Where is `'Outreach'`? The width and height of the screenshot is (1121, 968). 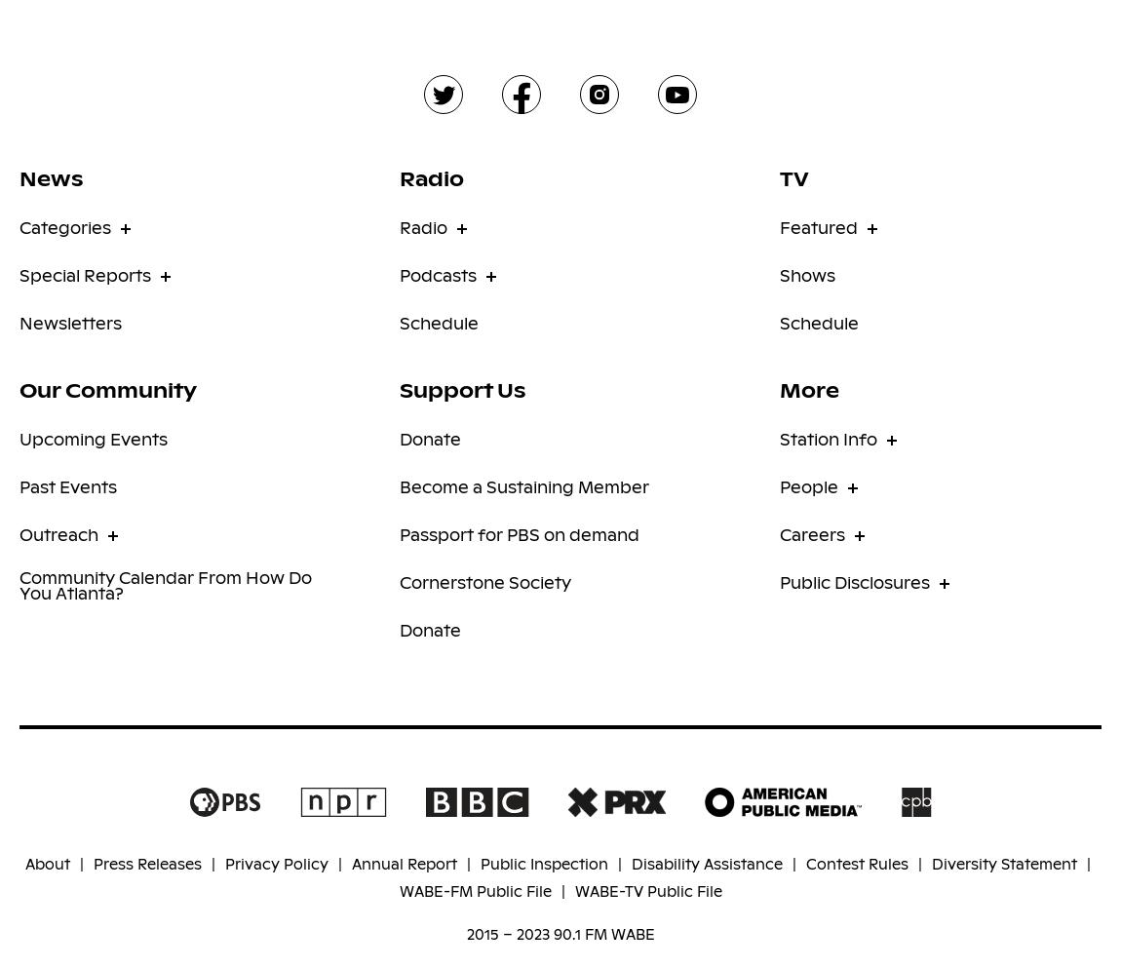 'Outreach' is located at coordinates (58, 533).